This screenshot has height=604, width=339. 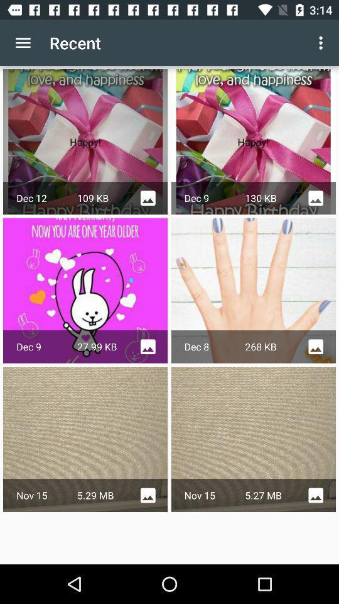 I want to click on app next to recent app, so click(x=23, y=43).